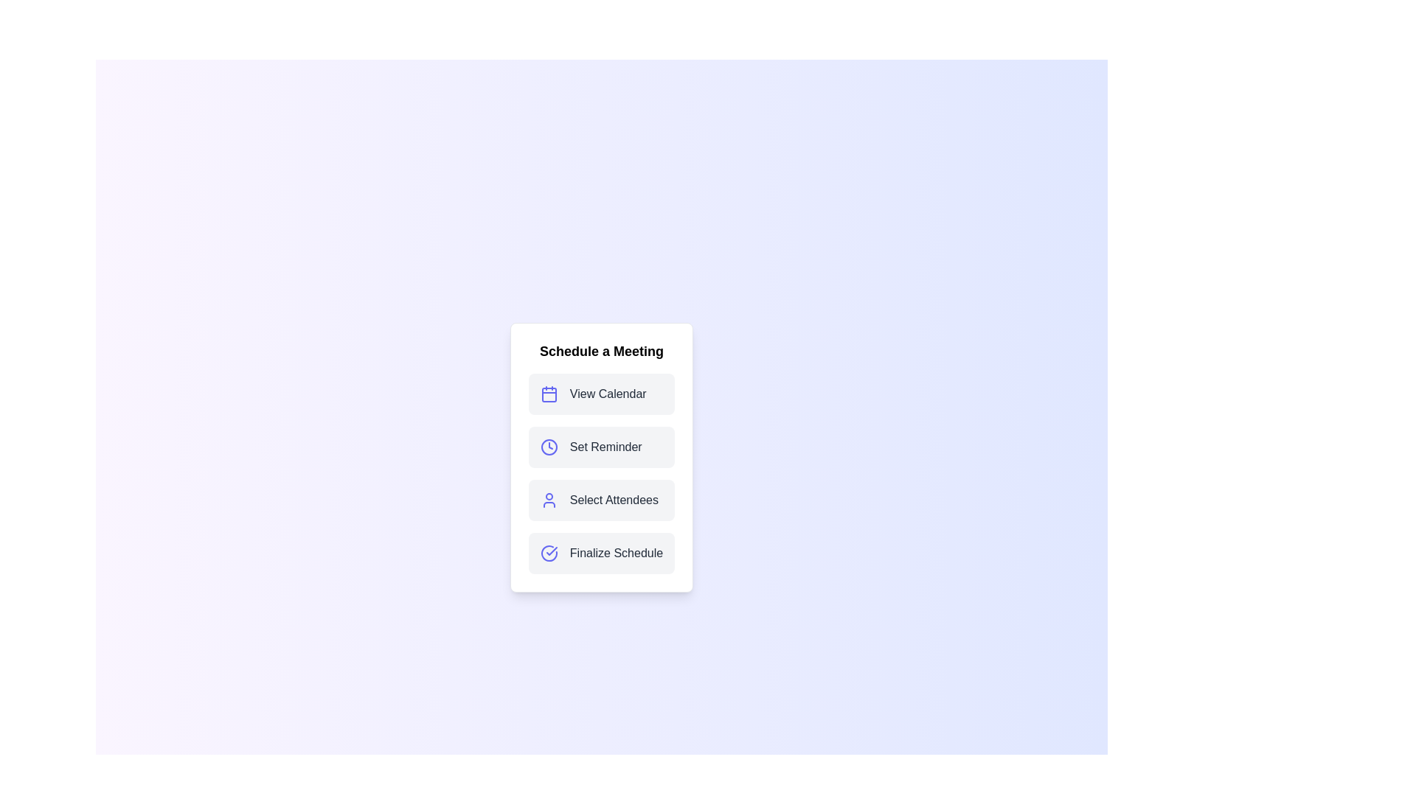 The height and width of the screenshot is (796, 1416). I want to click on the menu option labeled View Calendar, so click(602, 394).